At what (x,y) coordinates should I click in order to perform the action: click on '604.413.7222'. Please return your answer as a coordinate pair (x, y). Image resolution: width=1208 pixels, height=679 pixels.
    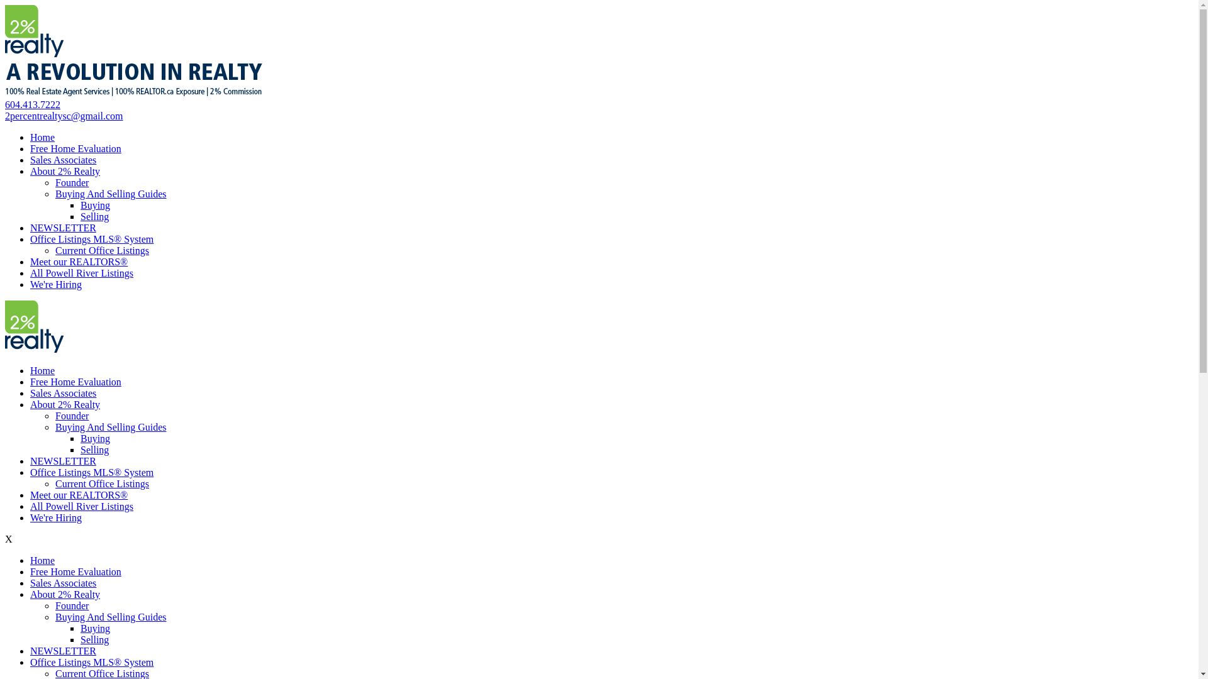
    Looking at the image, I should click on (5, 104).